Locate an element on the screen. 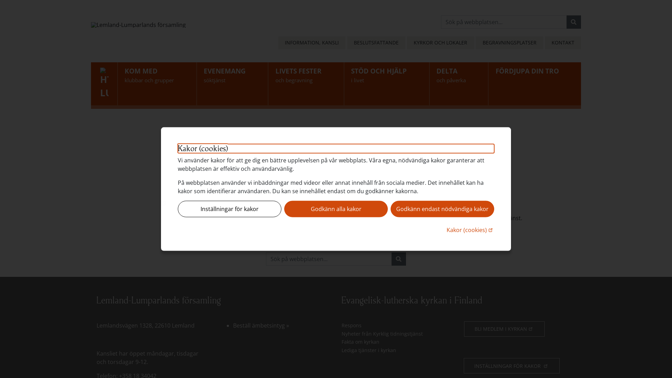 The image size is (672, 378). 'LIVETS FESTER is located at coordinates (306, 83).